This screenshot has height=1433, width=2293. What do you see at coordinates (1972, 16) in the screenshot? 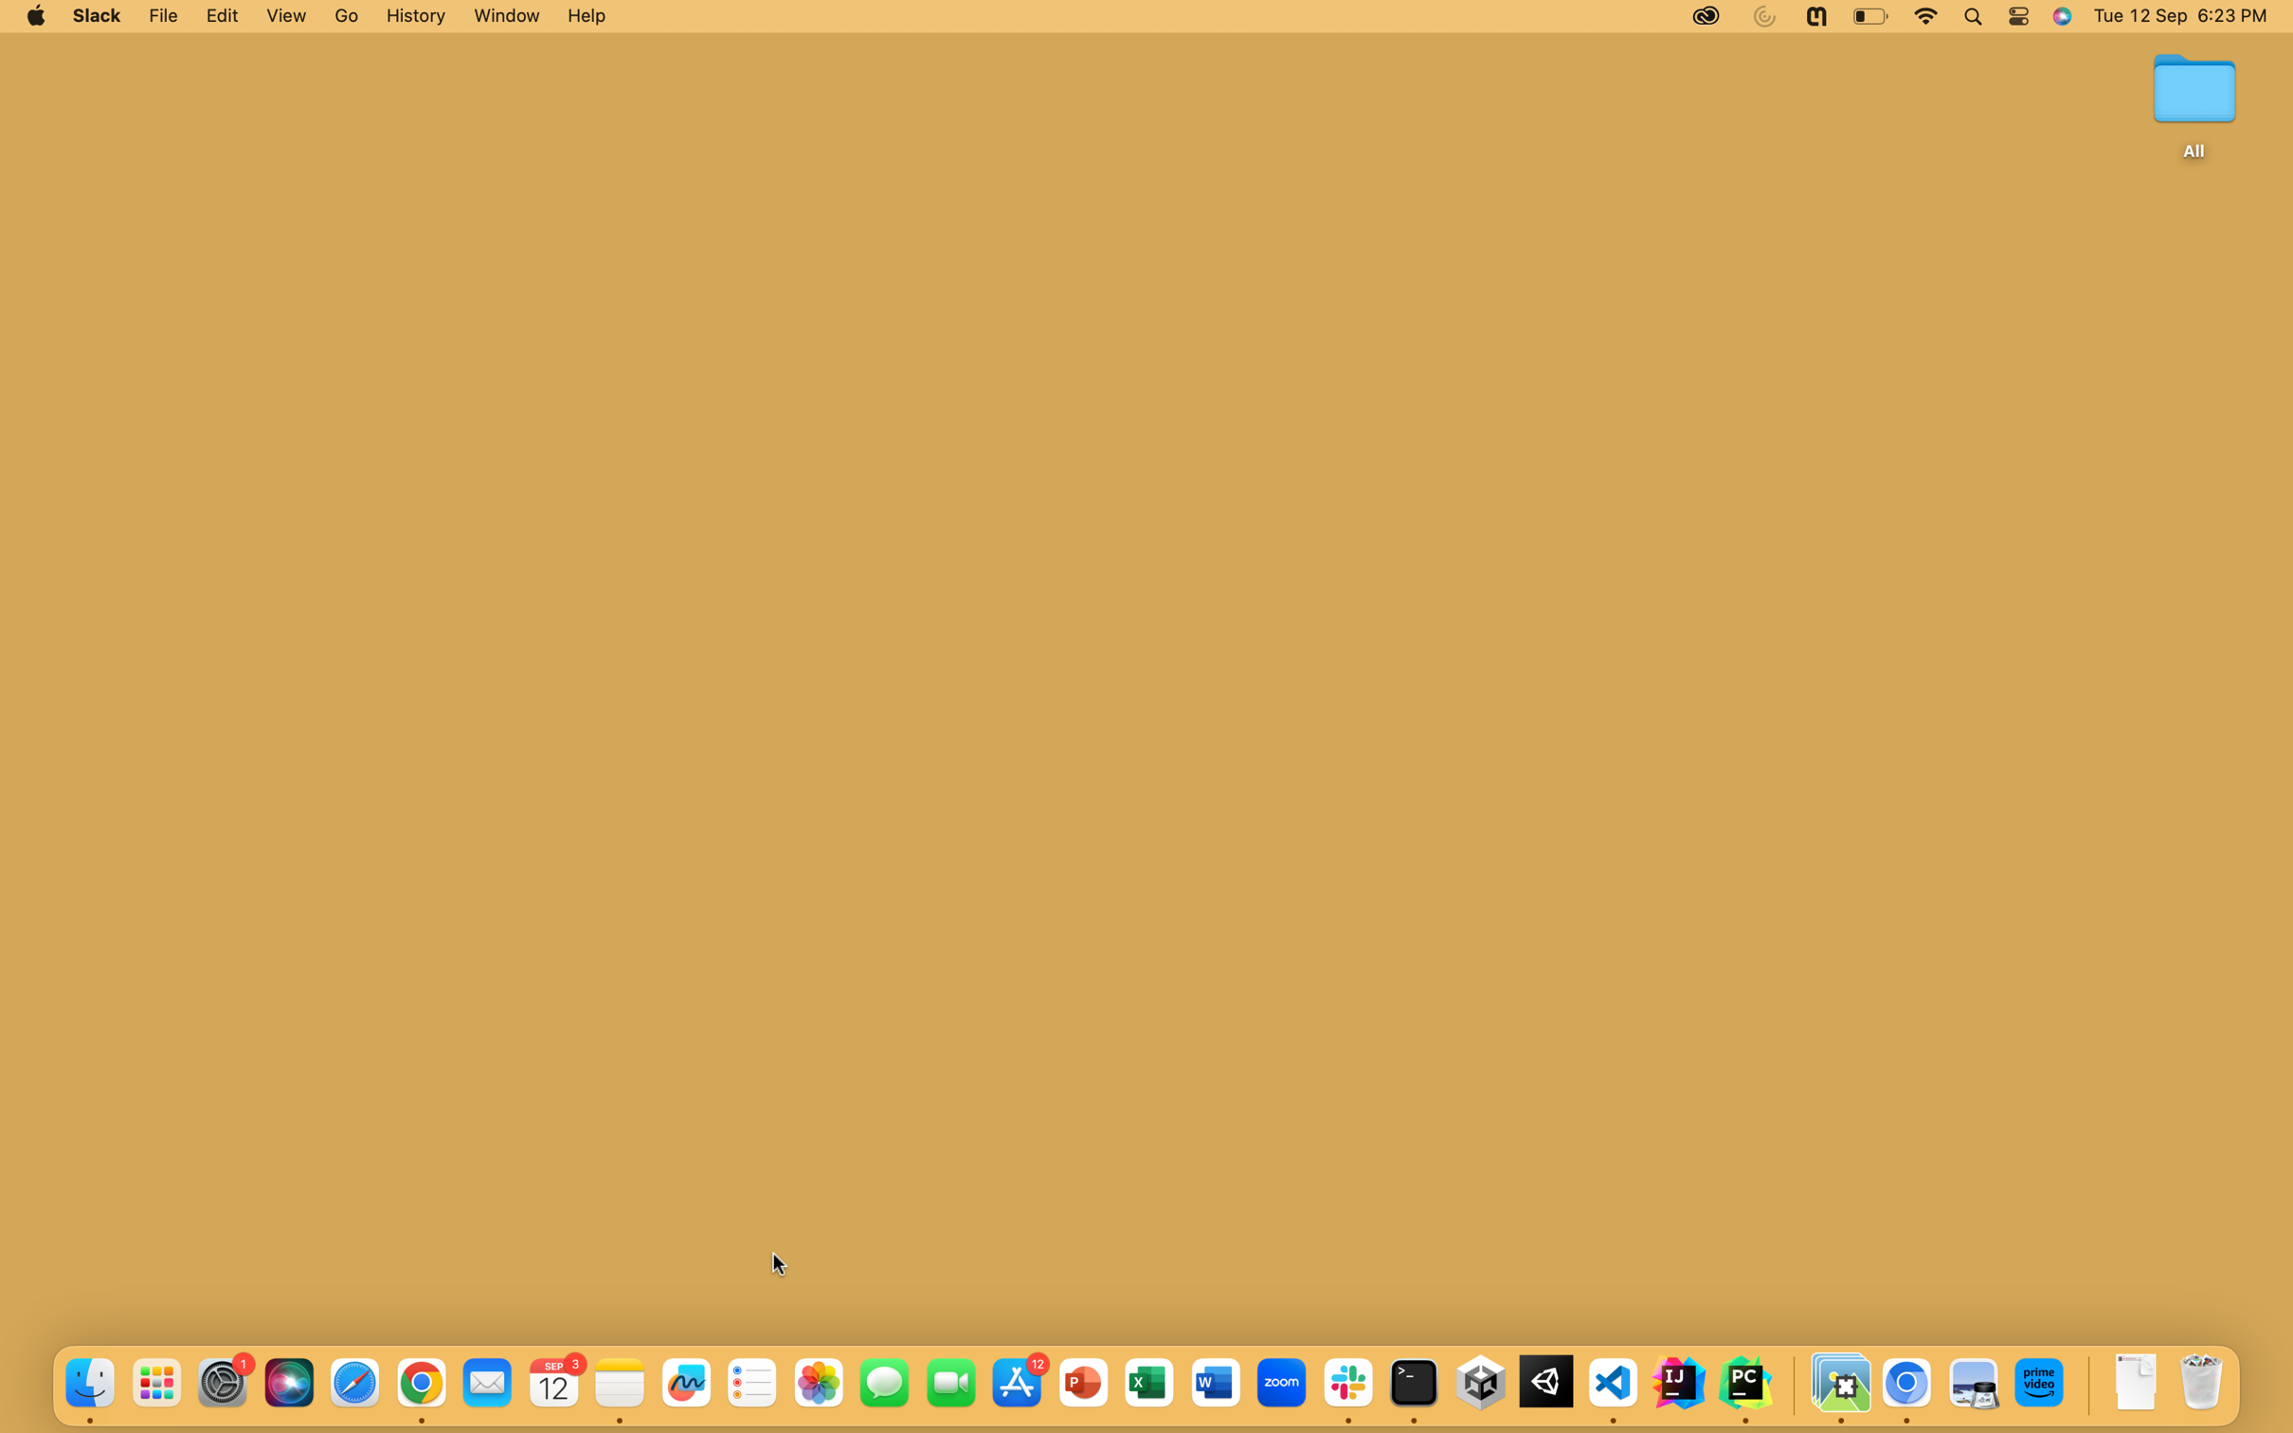
I see `Locate the Calculator App by utilizing the search button` at bounding box center [1972, 16].